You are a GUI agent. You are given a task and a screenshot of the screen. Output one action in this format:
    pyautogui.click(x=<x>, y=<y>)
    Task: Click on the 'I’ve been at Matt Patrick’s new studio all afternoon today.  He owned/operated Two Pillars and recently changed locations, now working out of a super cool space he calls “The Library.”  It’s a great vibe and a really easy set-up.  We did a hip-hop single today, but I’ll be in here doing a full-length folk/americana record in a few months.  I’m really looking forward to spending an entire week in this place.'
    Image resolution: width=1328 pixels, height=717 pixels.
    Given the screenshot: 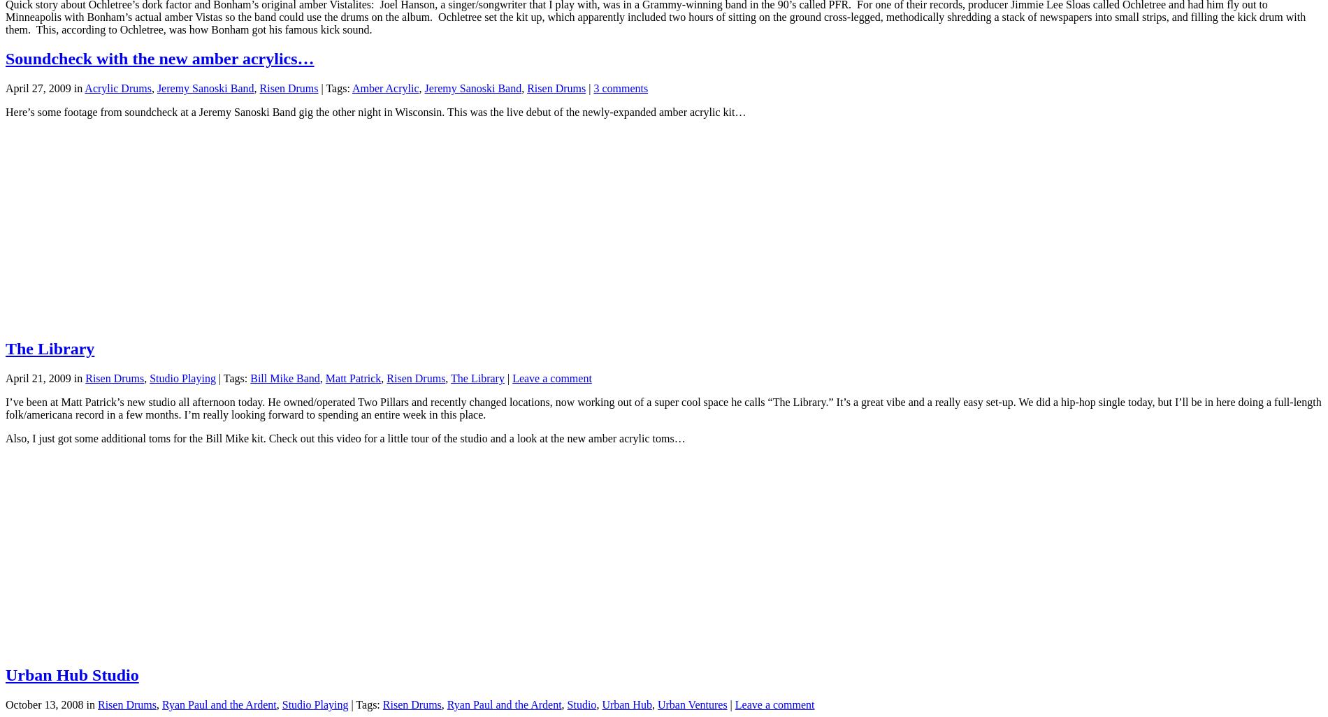 What is the action you would take?
    pyautogui.click(x=663, y=407)
    